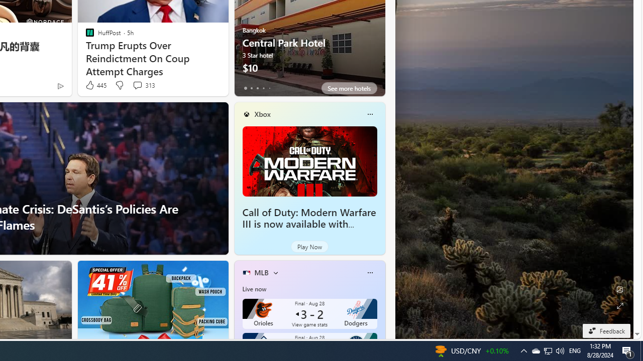 This screenshot has width=643, height=361. What do you see at coordinates (619, 289) in the screenshot?
I see `'Edit Background'` at bounding box center [619, 289].